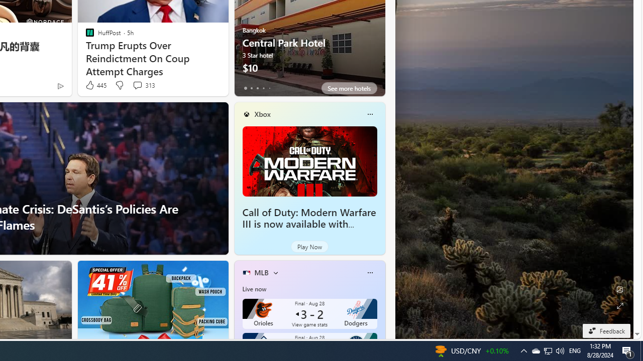 This screenshot has width=643, height=361. What do you see at coordinates (619, 289) in the screenshot?
I see `'Edit Background'` at bounding box center [619, 289].